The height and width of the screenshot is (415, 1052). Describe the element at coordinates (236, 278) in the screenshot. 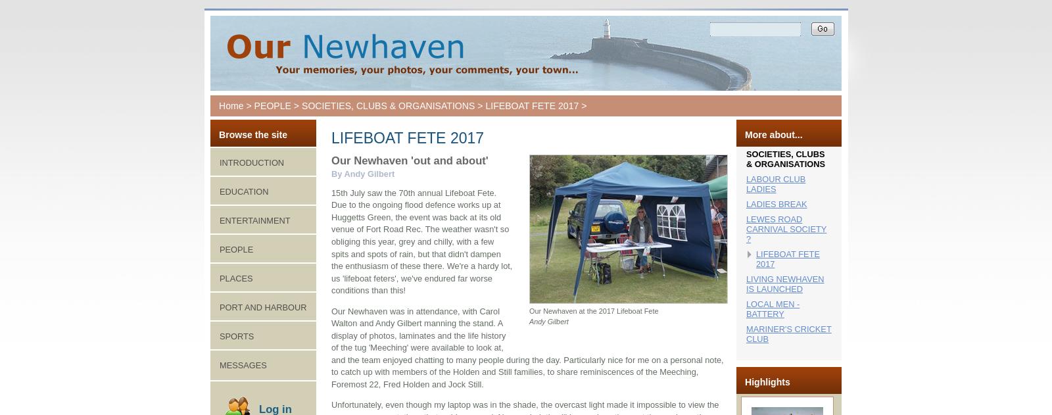

I see `'PLACES'` at that location.